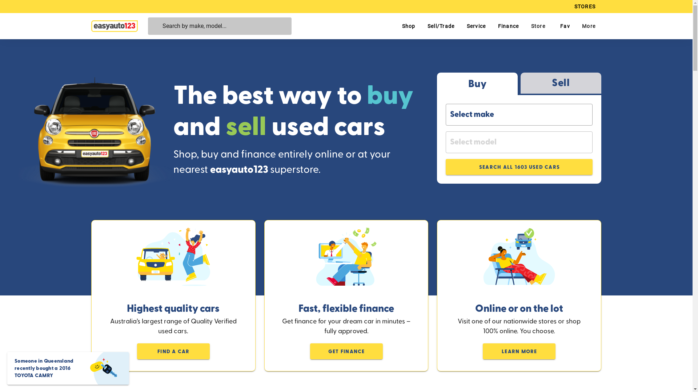 The image size is (698, 392). What do you see at coordinates (518, 351) in the screenshot?
I see `'LEARN MORE'` at bounding box center [518, 351].